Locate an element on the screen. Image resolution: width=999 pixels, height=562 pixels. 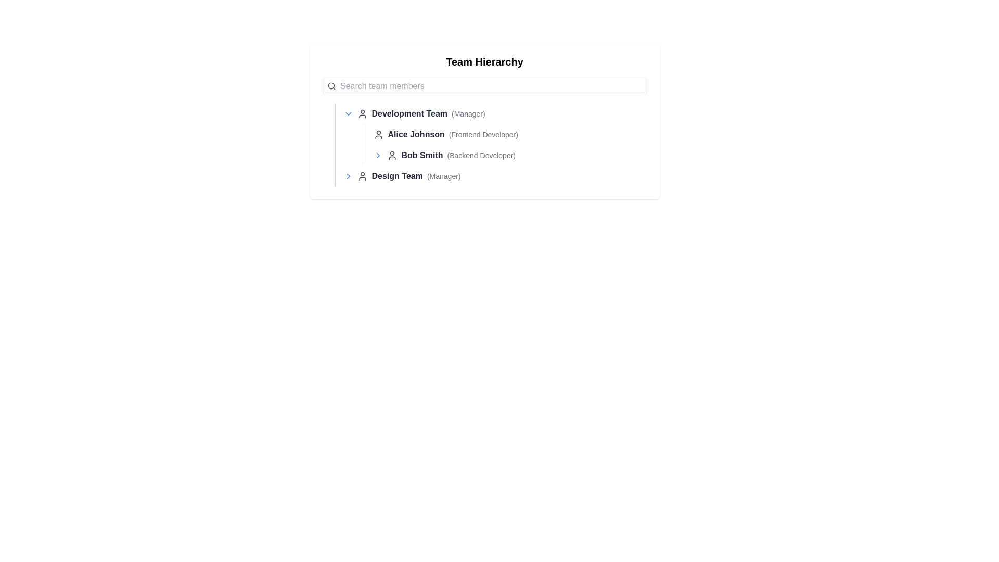
the text label element that displays '(Manager)' in gray color, which is positioned to the right of the 'Design Team' text in the 'Team Hierarchy' section is located at coordinates (444, 176).